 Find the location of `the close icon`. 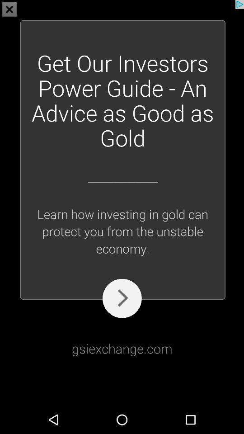

the close icon is located at coordinates (9, 9).